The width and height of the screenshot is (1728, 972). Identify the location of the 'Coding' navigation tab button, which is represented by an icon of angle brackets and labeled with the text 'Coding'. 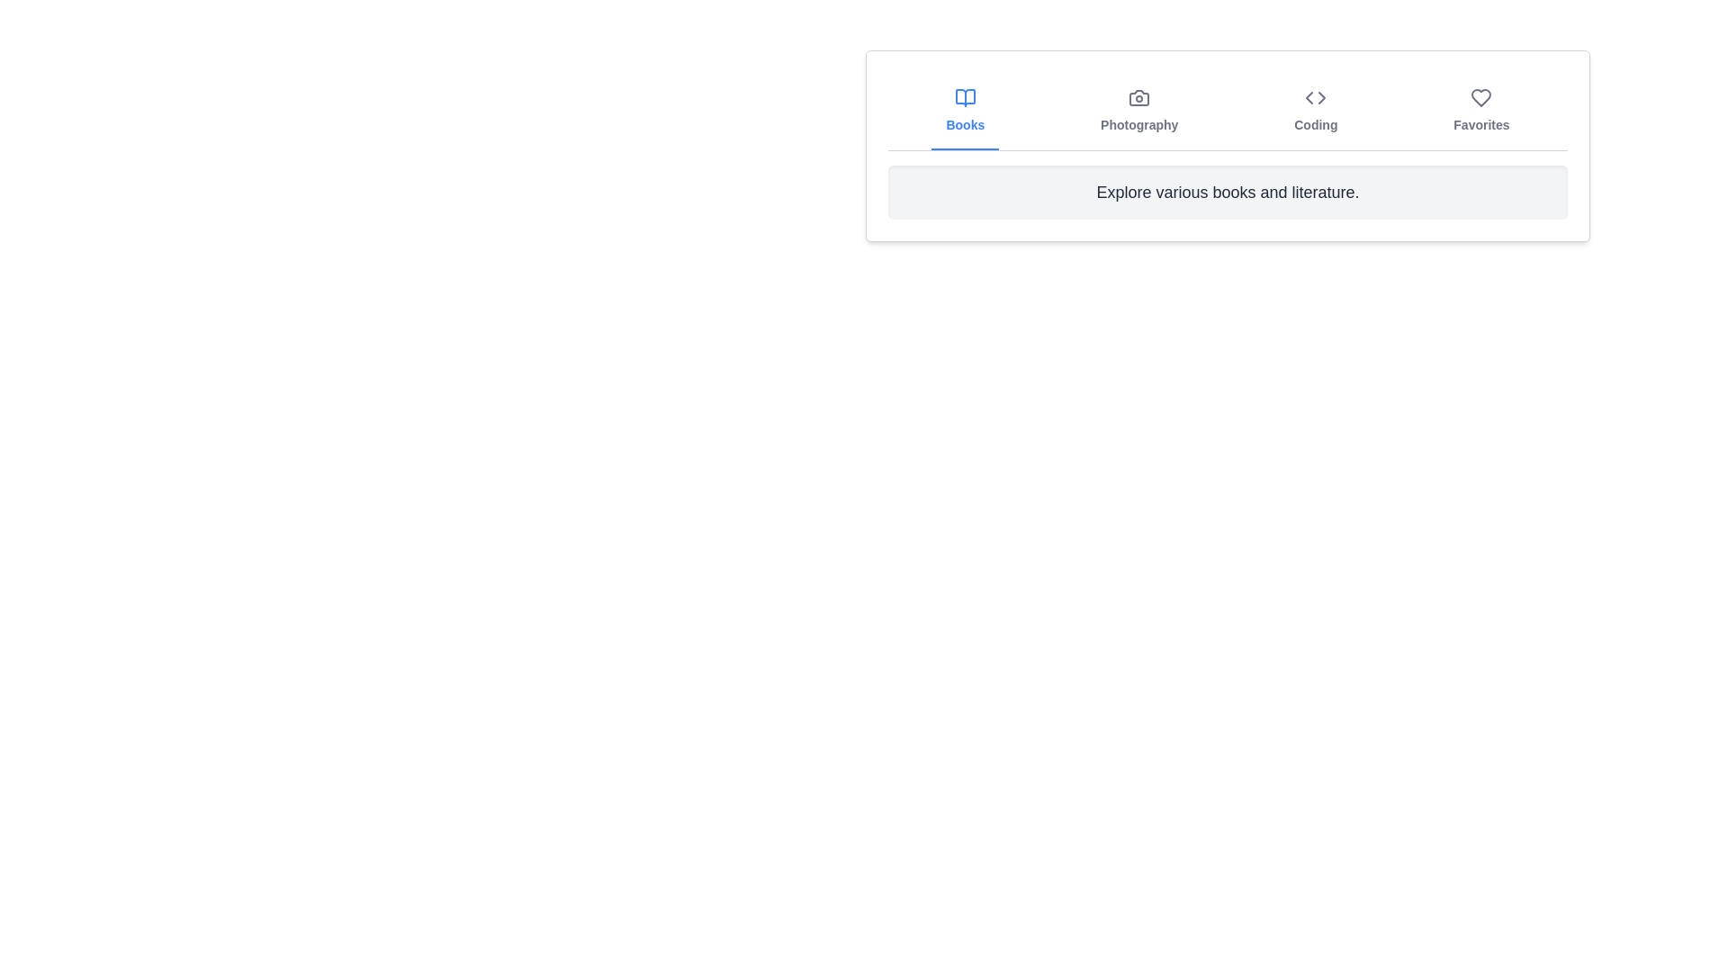
(1316, 111).